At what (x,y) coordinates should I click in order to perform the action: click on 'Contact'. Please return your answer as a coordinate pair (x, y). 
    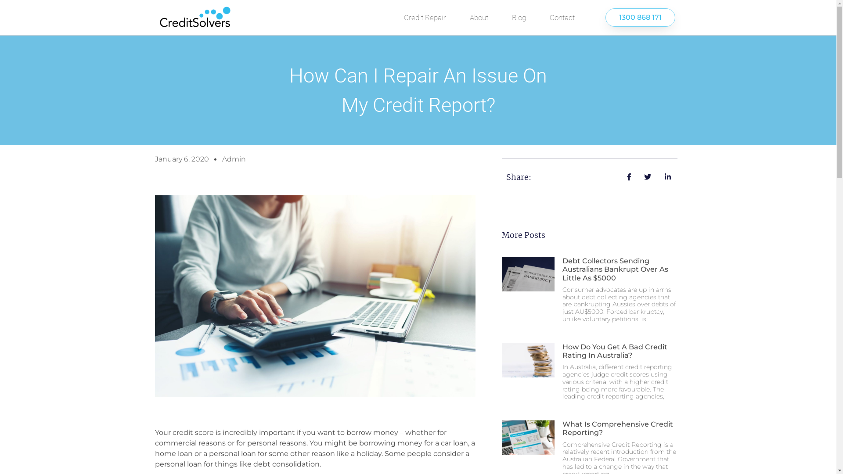
    Looking at the image, I should click on (537, 17).